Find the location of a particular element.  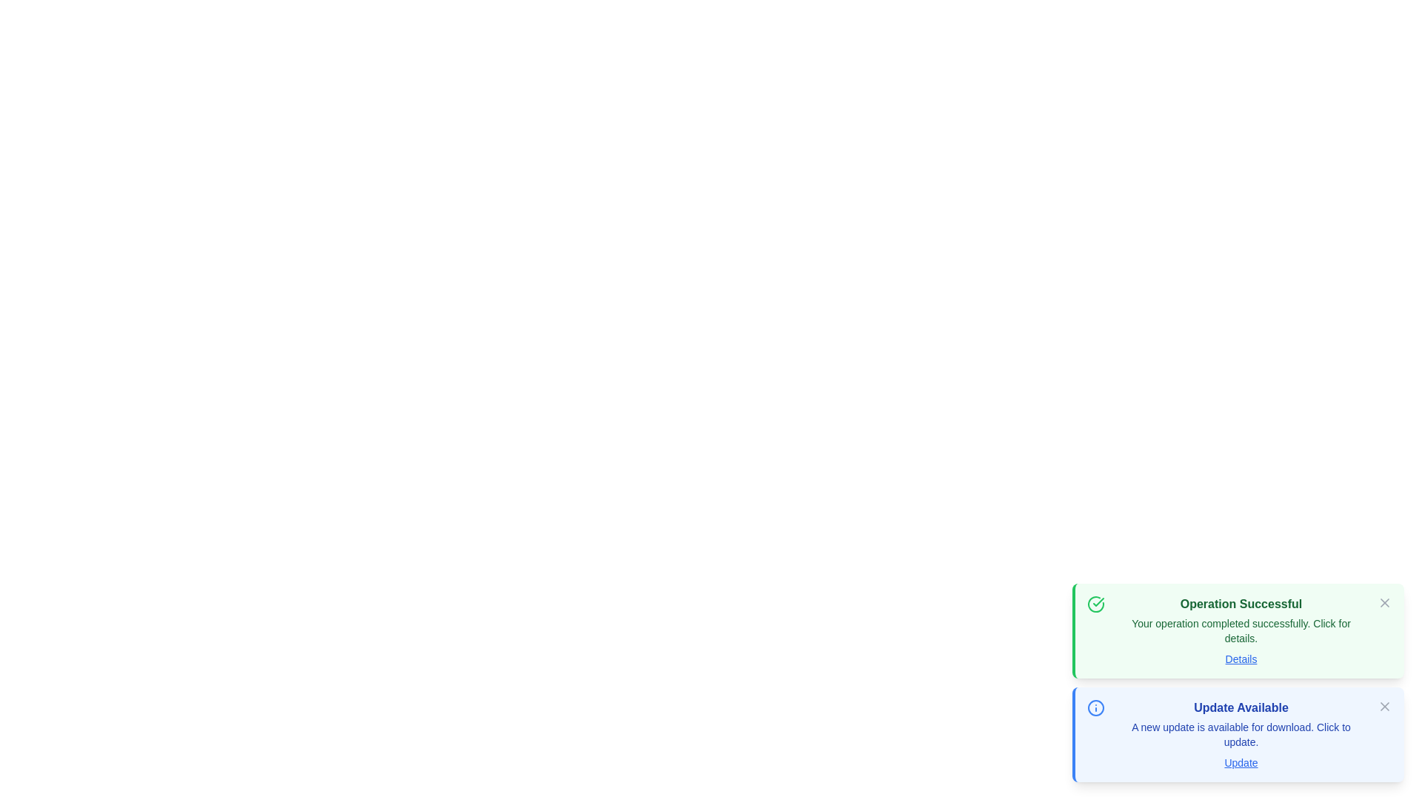

the success icon in the green-themed notification box titled 'Operation Successful', which is the prominent first item aligned to the left side of the box is located at coordinates (1095, 604).